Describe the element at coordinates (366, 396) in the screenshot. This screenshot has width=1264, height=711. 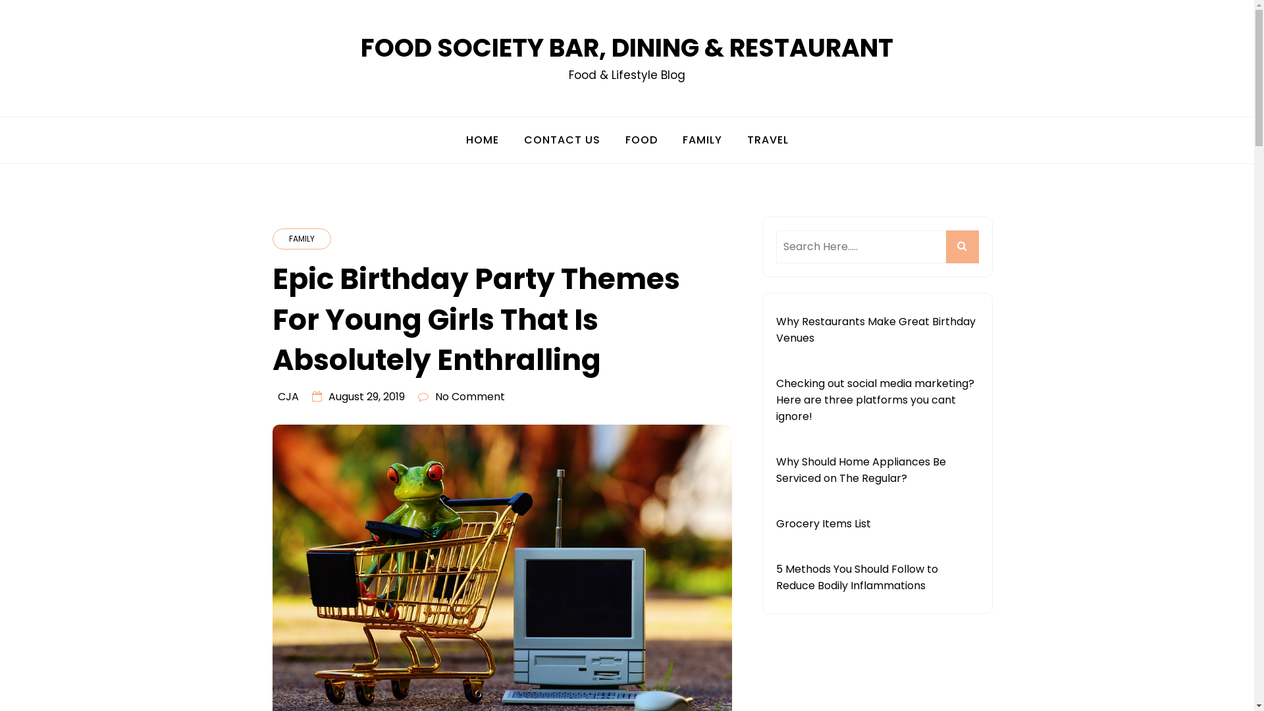
I see `'August 29, 2019'` at that location.